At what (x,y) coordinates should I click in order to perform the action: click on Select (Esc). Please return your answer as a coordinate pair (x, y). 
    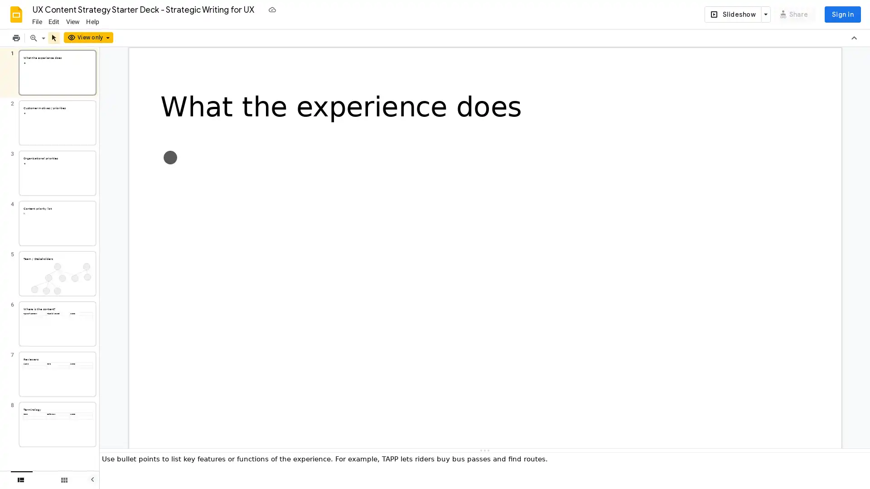
    Looking at the image, I should click on (53, 38).